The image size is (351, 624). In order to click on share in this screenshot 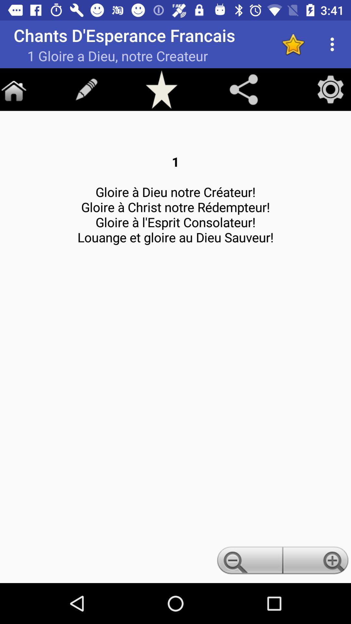, I will do `click(243, 89)`.